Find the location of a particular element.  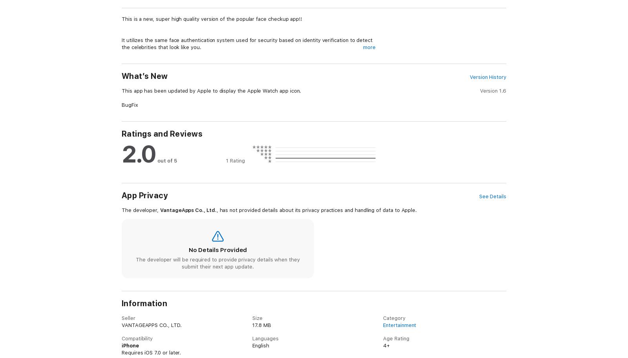

'The developer,' is located at coordinates (141, 210).